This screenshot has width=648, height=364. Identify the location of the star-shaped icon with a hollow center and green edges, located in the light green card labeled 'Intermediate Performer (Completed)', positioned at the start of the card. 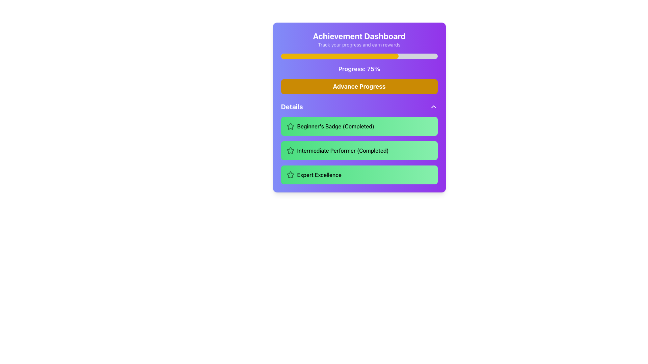
(290, 150).